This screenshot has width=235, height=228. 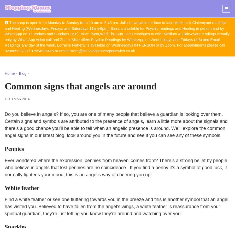 I want to click on '12th Mar 2014', so click(x=17, y=99).